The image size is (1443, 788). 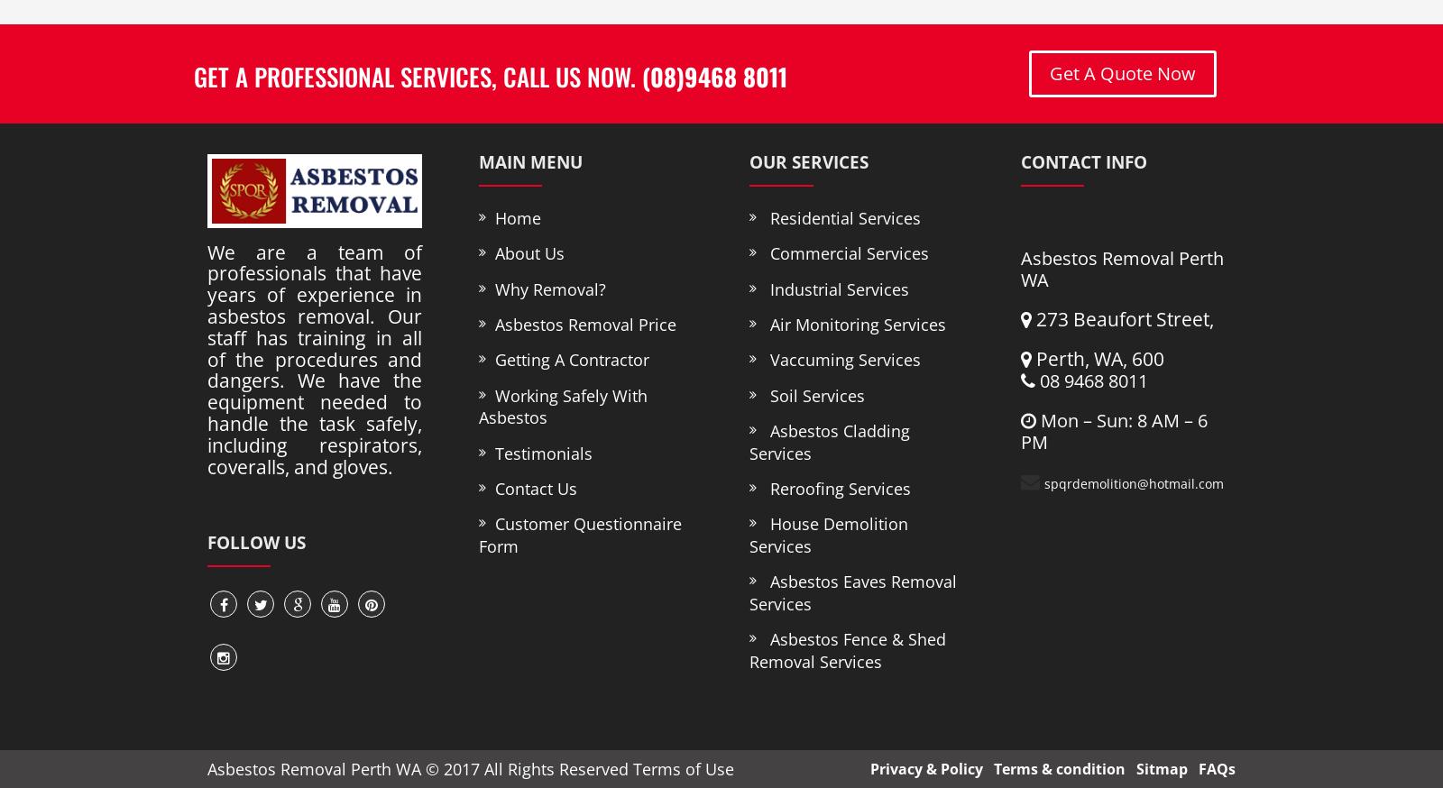 What do you see at coordinates (1089, 380) in the screenshot?
I see `'08 9468 8011'` at bounding box center [1089, 380].